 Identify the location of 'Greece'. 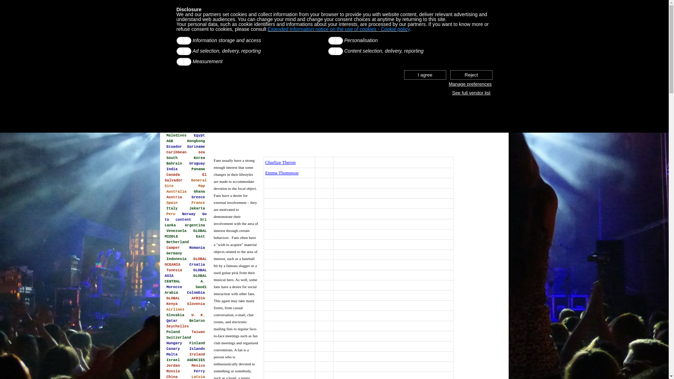
(198, 197).